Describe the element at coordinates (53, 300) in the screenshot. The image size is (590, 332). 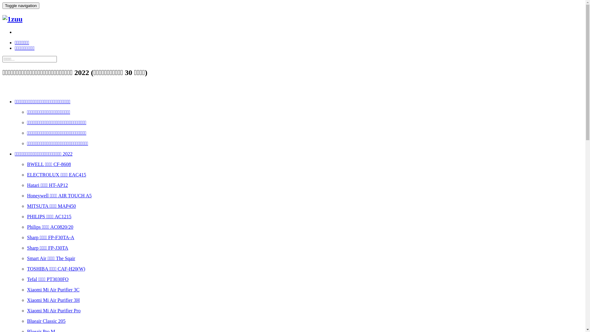
I see `'Xiaomi Mi Air Purifier 3H'` at that location.